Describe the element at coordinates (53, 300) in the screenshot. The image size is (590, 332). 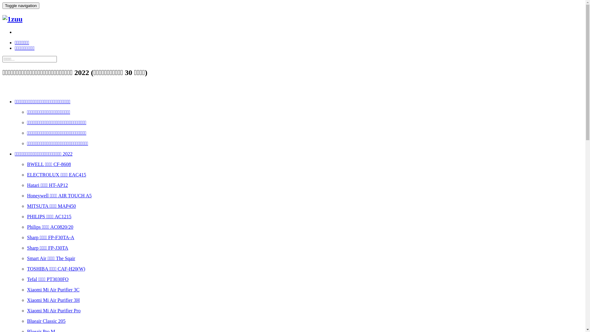
I see `'Xiaomi Mi Air Purifier 3H'` at that location.